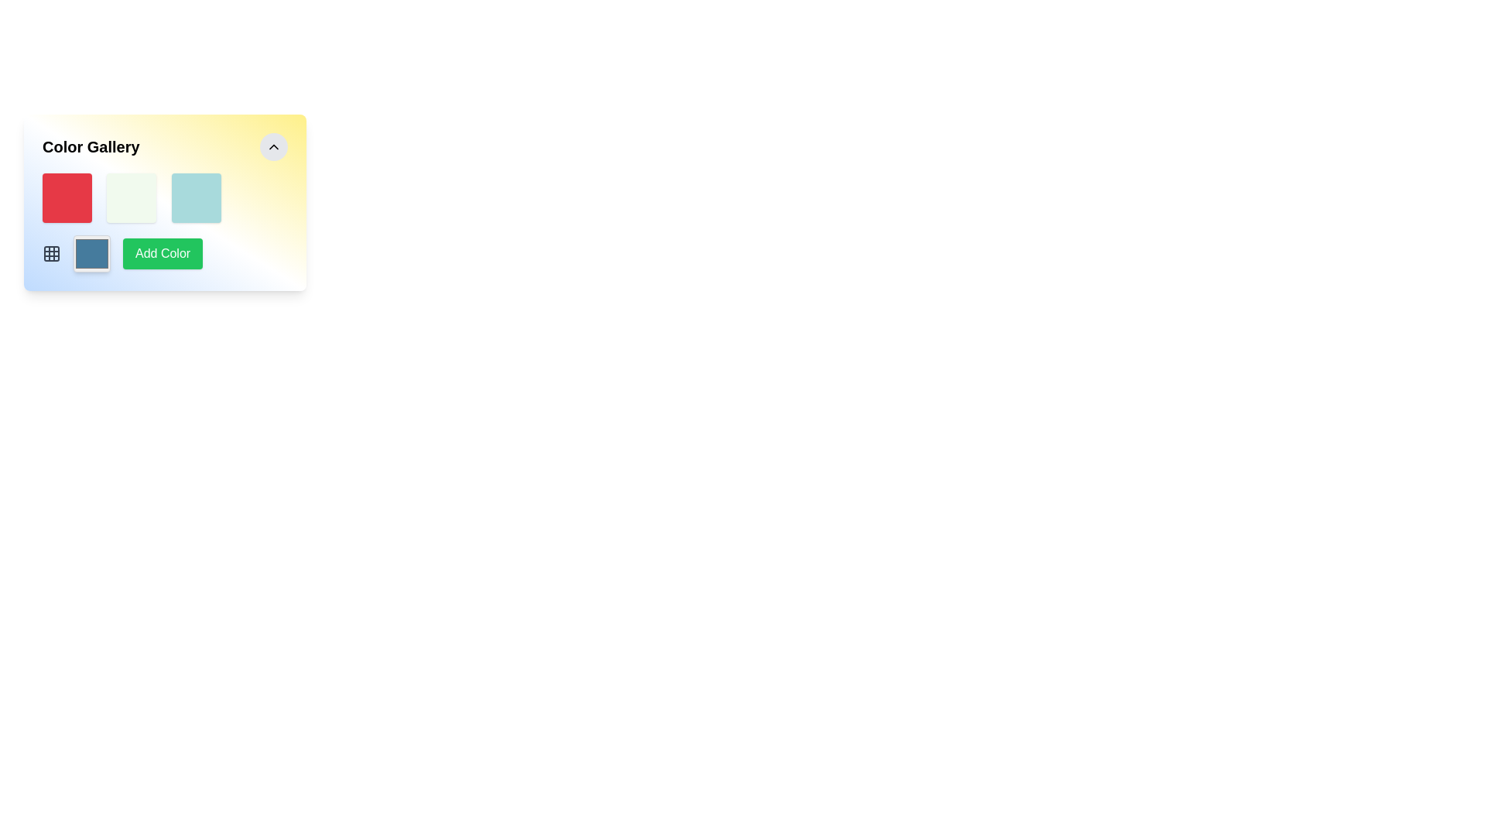  Describe the element at coordinates (52, 252) in the screenshot. I see `the top-left cell of the grid icon in the 'Color Gallery' card, which is a small square shape with a dark background and rounded corners` at that location.